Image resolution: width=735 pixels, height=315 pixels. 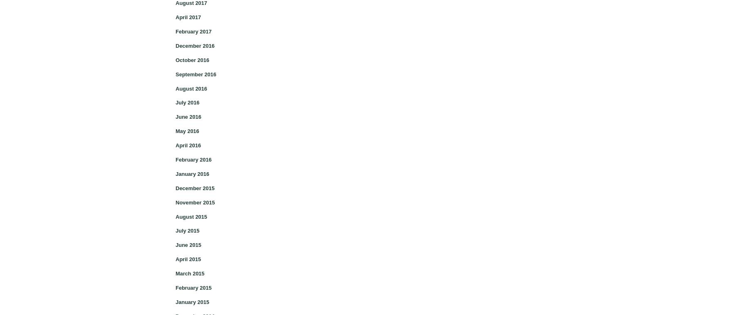 I want to click on 'February 2017', so click(x=193, y=31).